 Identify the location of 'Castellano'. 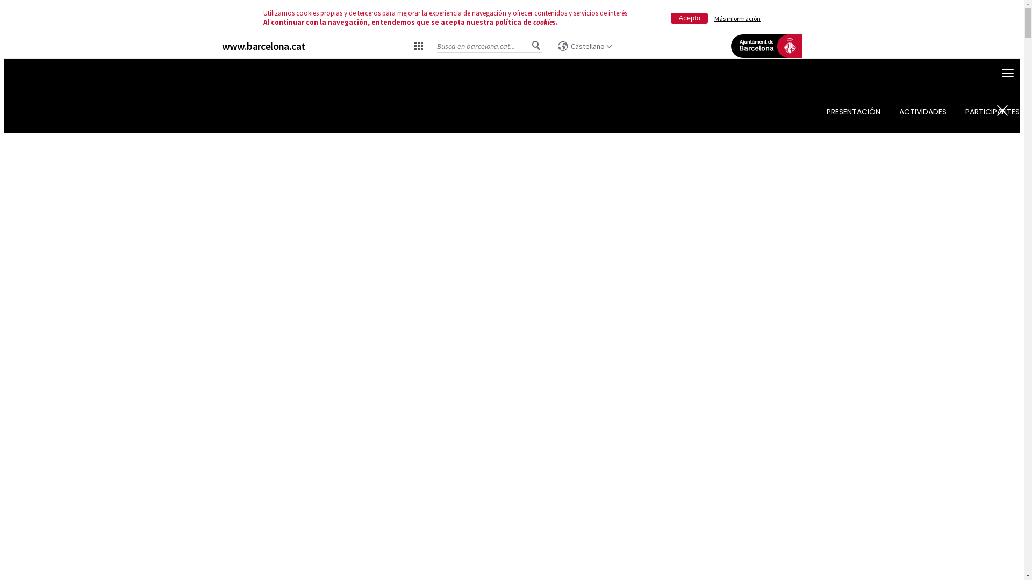
(584, 45).